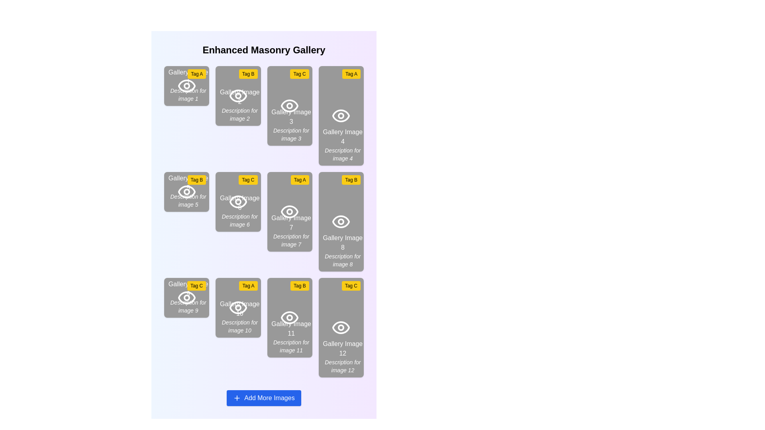 This screenshot has height=430, width=765. I want to click on label text 'Gallery Image 12' displayed in white, medium font weight, positioned in the lower section of a card within a grid-like gallery layout, so click(343, 348).